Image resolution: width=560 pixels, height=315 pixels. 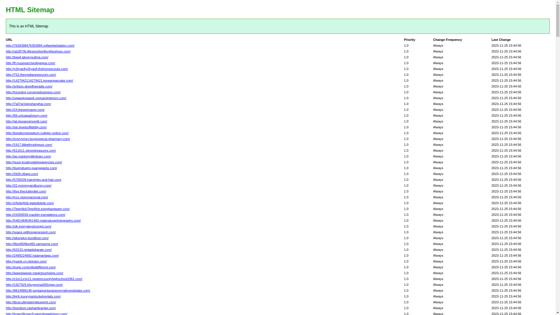 I want to click on 'http://sr6qoo.deepflowradio.com/', so click(x=29, y=86).